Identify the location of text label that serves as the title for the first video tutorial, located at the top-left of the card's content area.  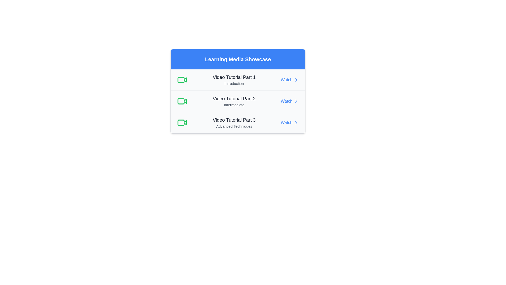
(234, 77).